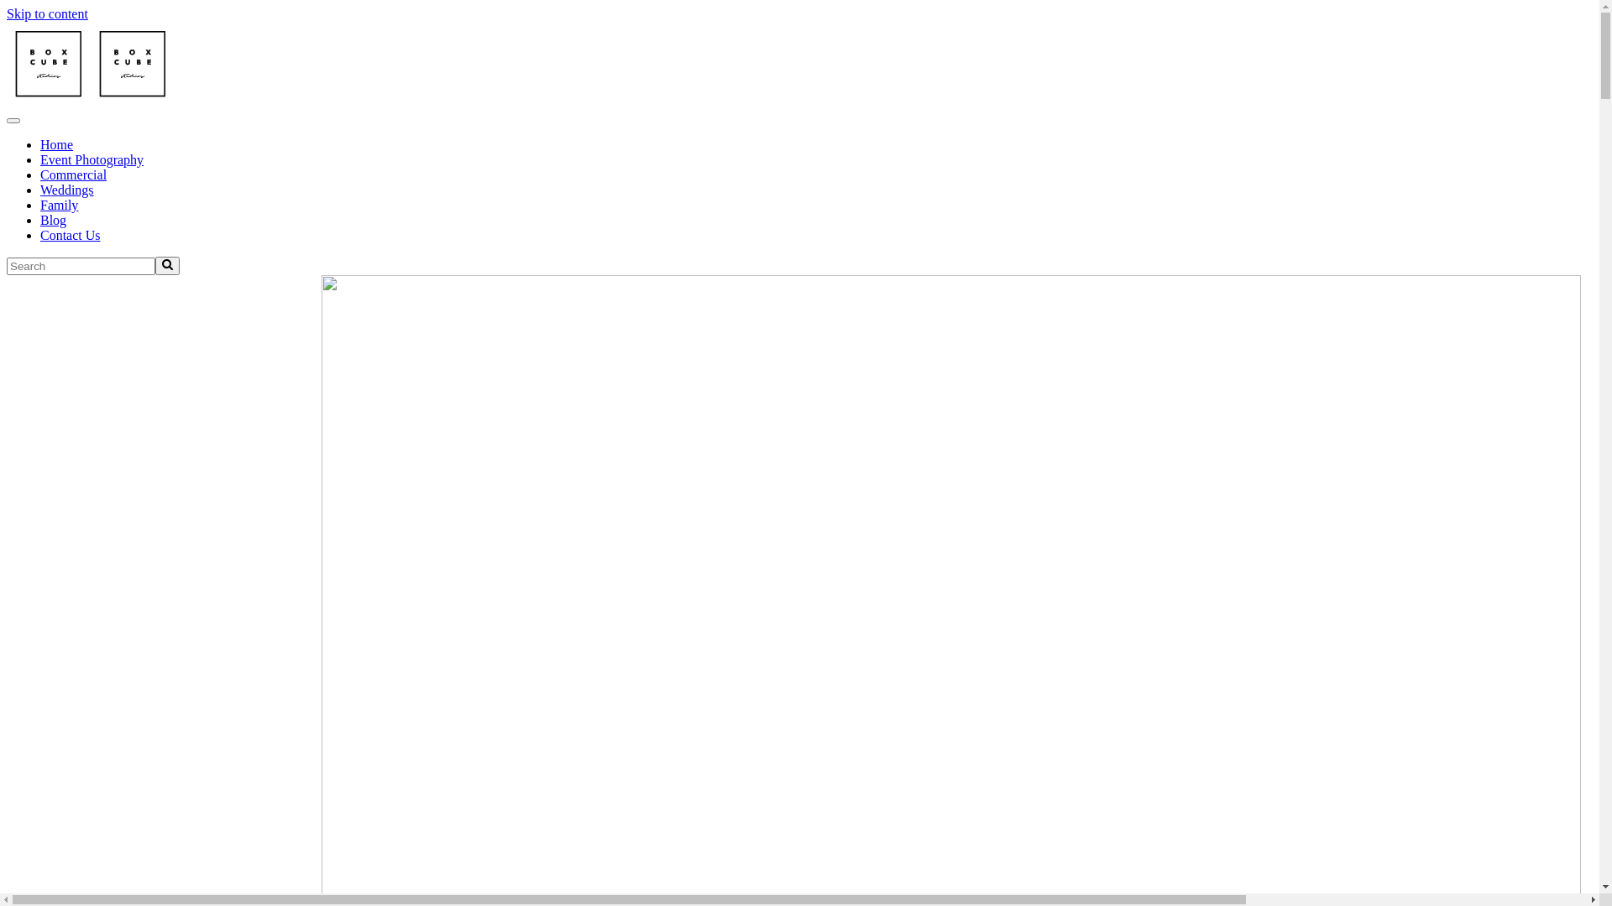 This screenshot has height=906, width=1612. What do you see at coordinates (91, 159) in the screenshot?
I see `'Event Photography'` at bounding box center [91, 159].